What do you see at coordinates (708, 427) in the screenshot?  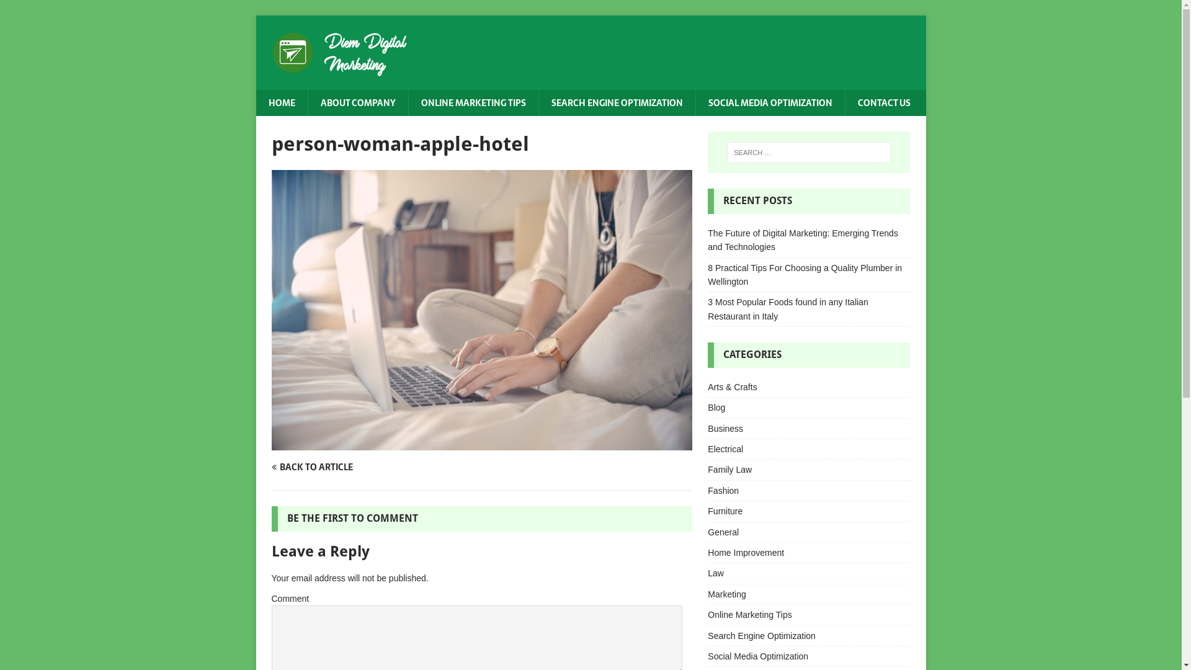 I see `'Business'` at bounding box center [708, 427].